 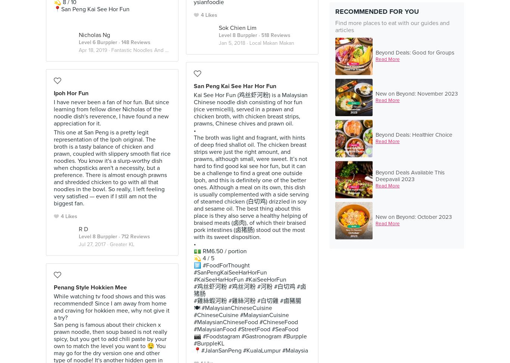 I want to click on 'This one at San Peng is a pretty legit representation of the Ipoh original. The broth is a tasty balance of chicken and prawn, coupled with slippery smooth flat rice noodles. You know it's a slurp-worthy dish when chopsticks aren't a necessity, but a preference. There is almost enough prawns and shredded chicken to go with all that noodles in the bowl. So really, I left feeling very satisfied — even if I still am not the biggest fan.', so click(x=112, y=167).